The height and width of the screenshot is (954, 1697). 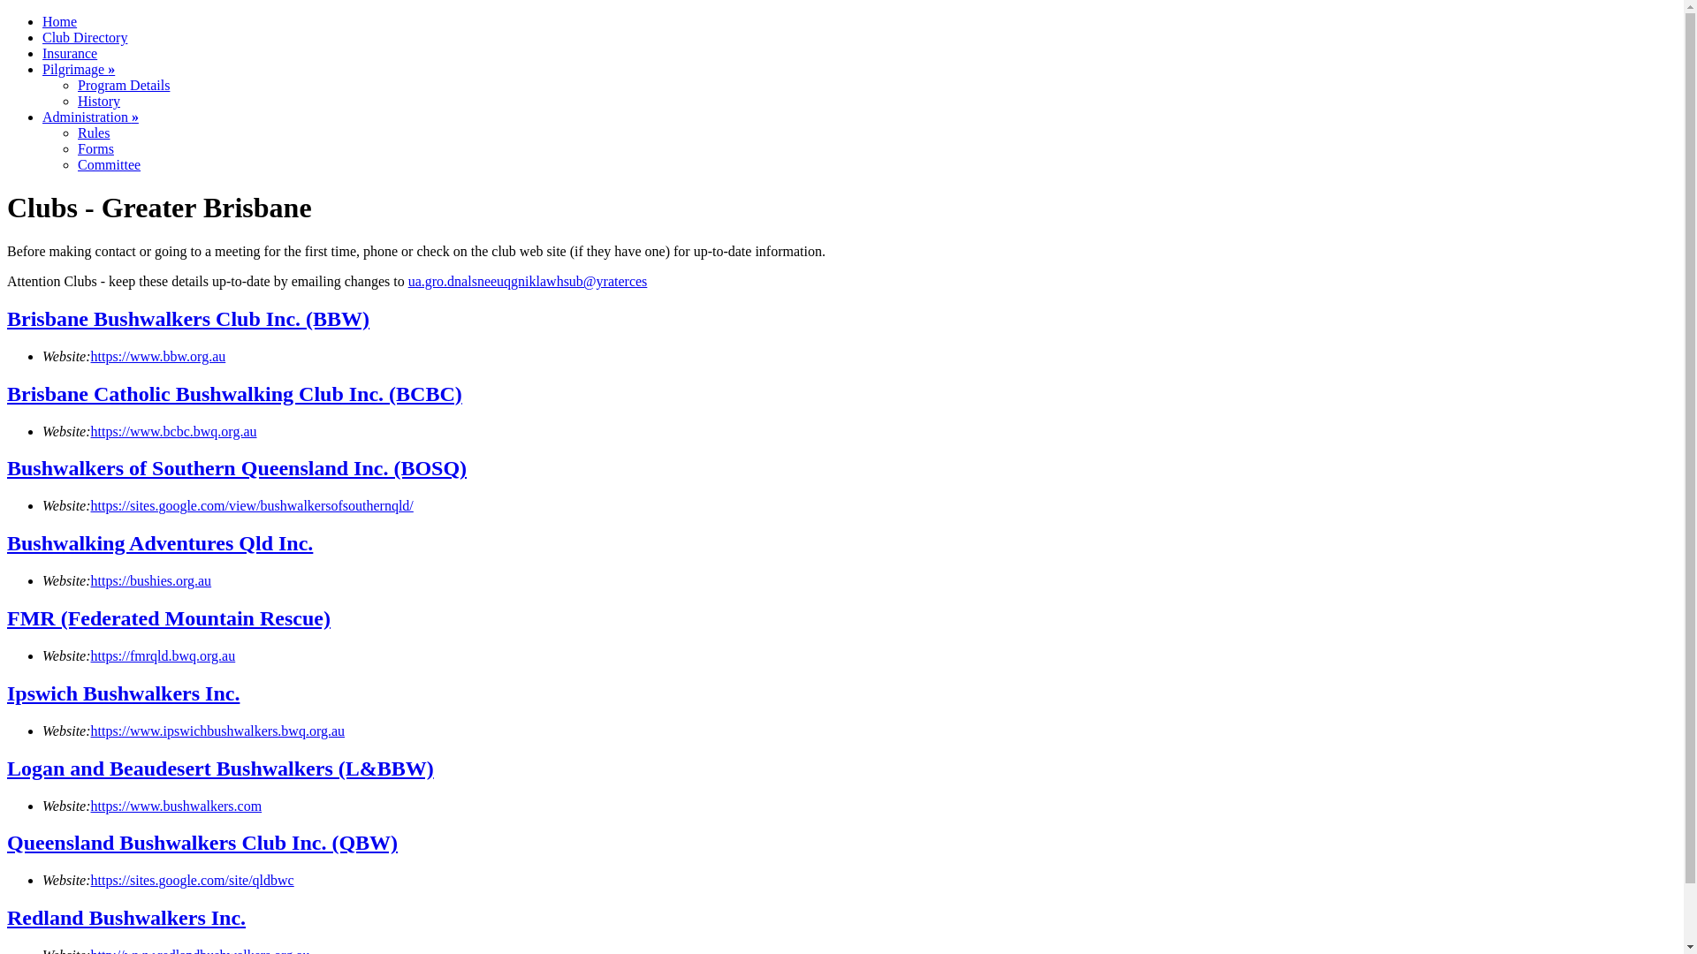 I want to click on 'FMR (Federated Mountain Rescue)', so click(x=7, y=617).